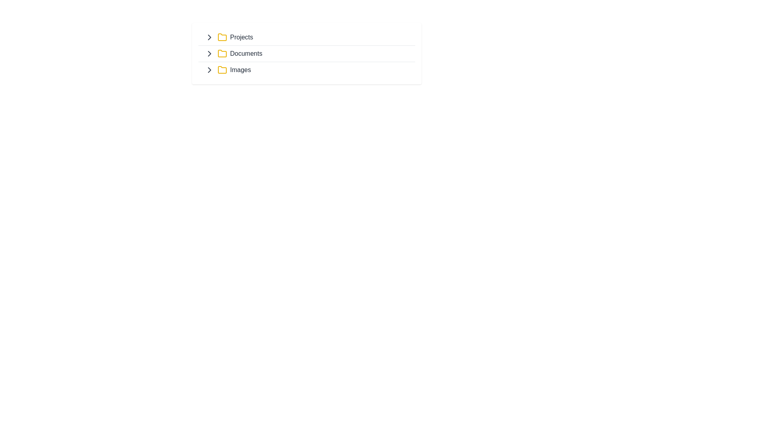  I want to click on the chevron icon that indicates expandable or collapsible state for the 'Documents' folder, located on the left side of the row containing the 'Documents' label, so click(209, 54).